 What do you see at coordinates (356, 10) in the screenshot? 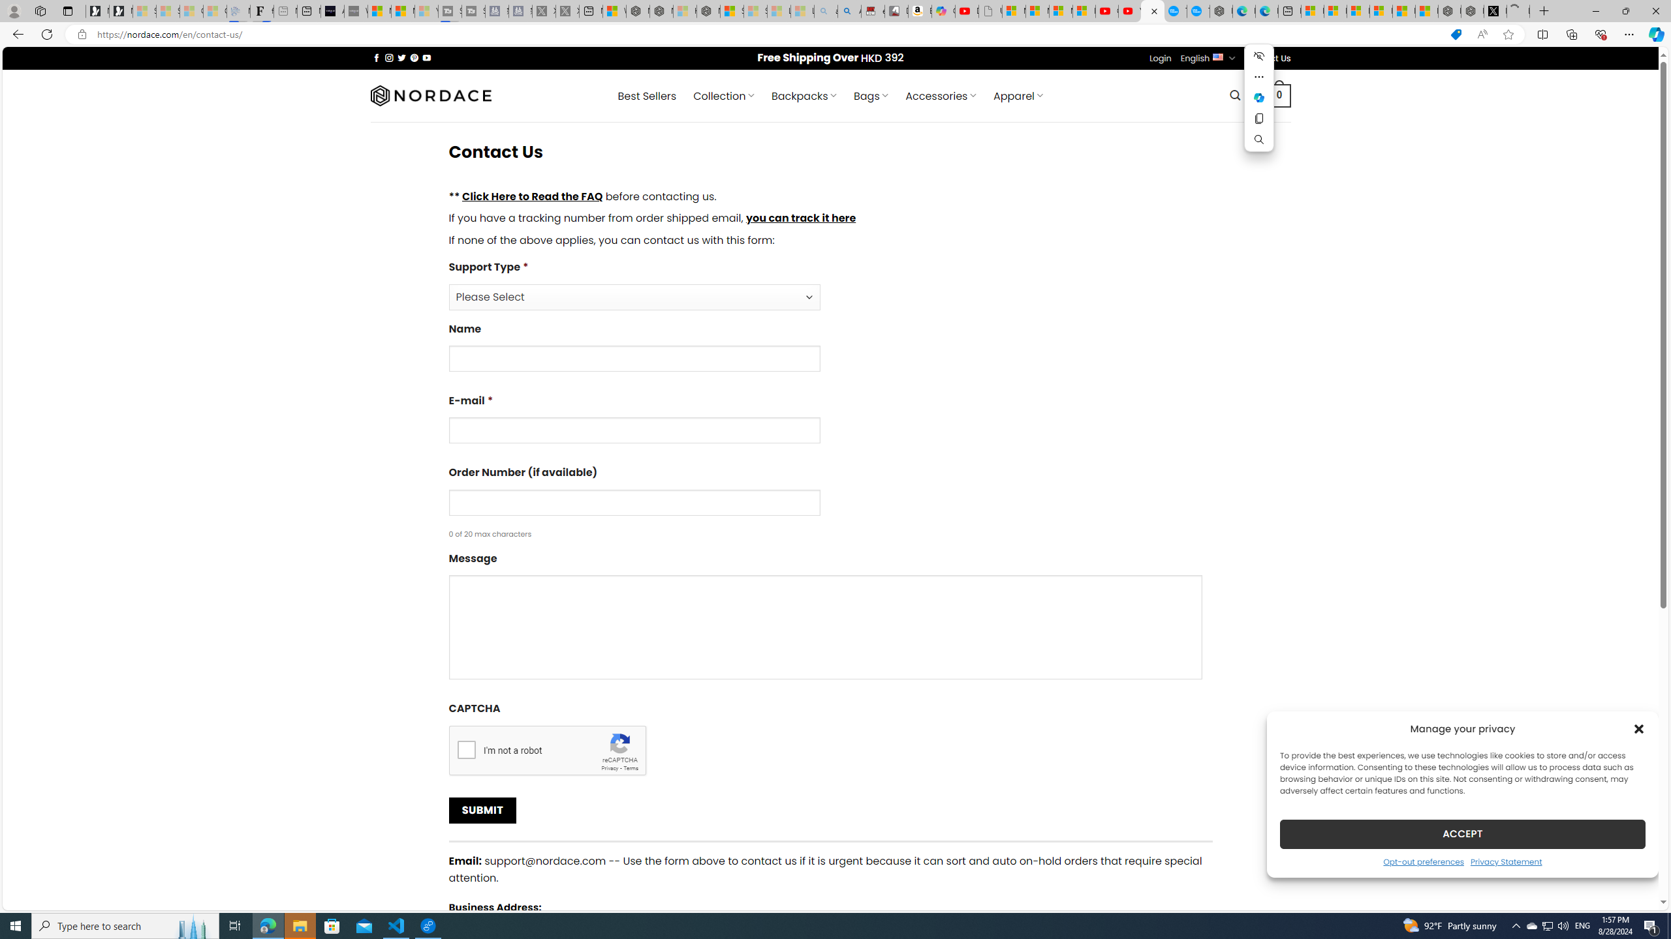
I see `'What'` at bounding box center [356, 10].